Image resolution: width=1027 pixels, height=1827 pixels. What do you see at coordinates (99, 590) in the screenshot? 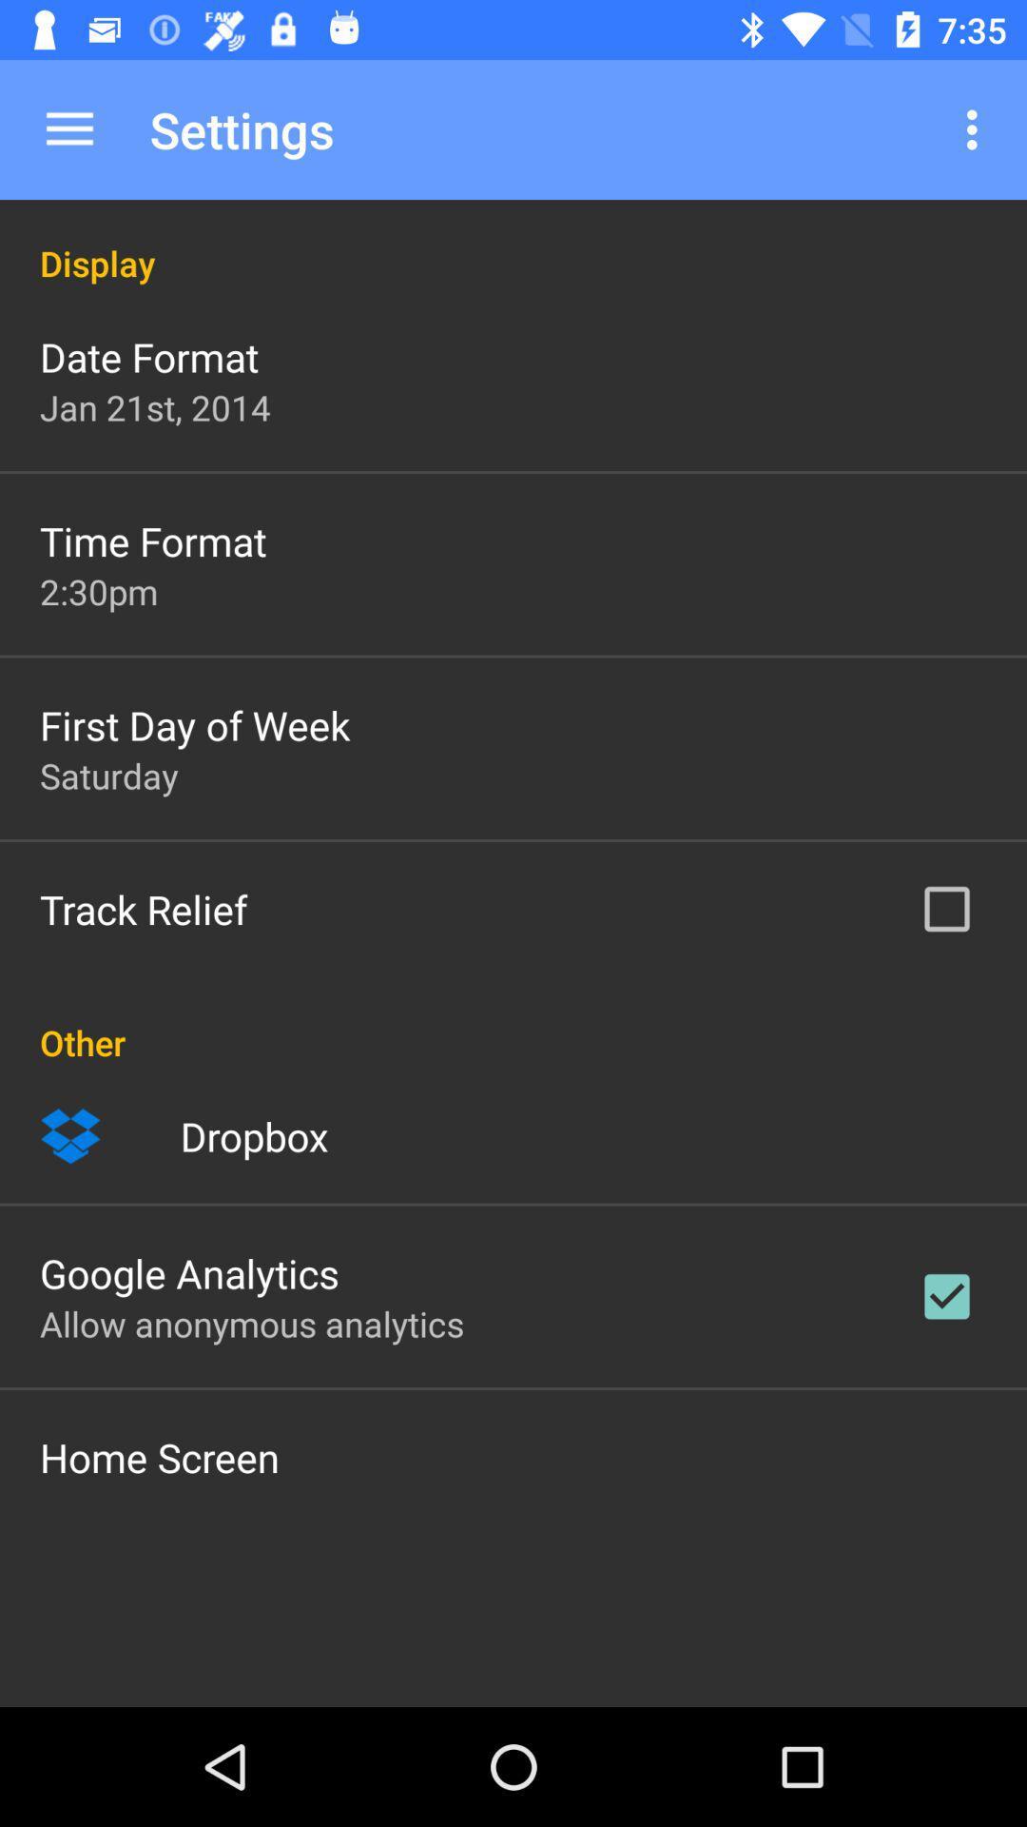
I see `the 2:30pm app` at bounding box center [99, 590].